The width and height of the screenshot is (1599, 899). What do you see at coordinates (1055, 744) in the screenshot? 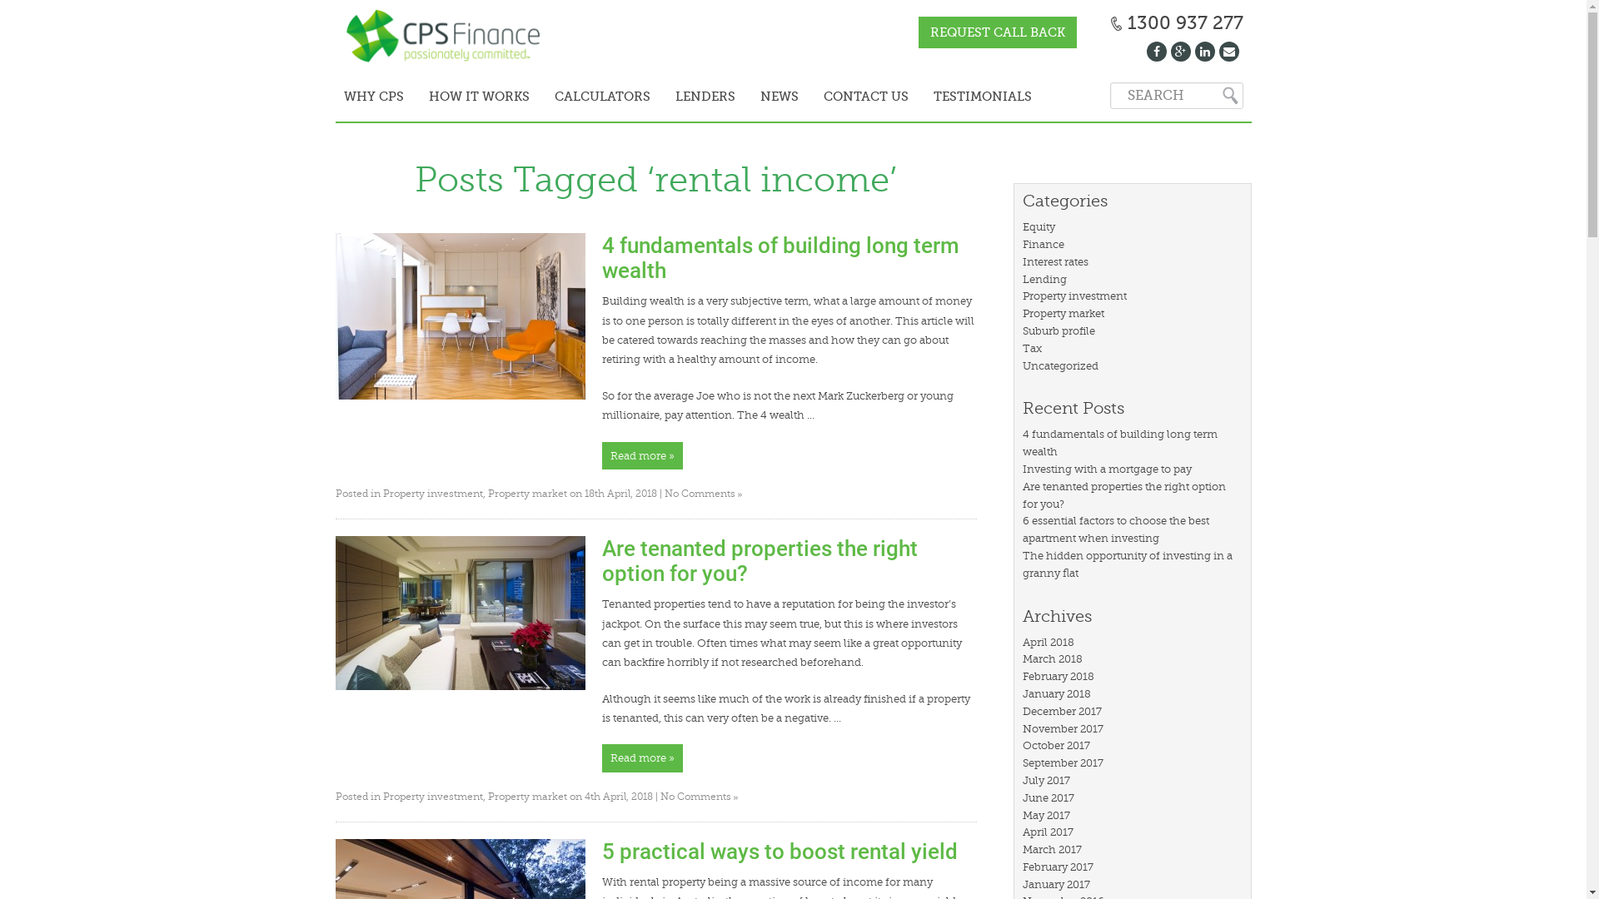
I see `'October 2017'` at bounding box center [1055, 744].